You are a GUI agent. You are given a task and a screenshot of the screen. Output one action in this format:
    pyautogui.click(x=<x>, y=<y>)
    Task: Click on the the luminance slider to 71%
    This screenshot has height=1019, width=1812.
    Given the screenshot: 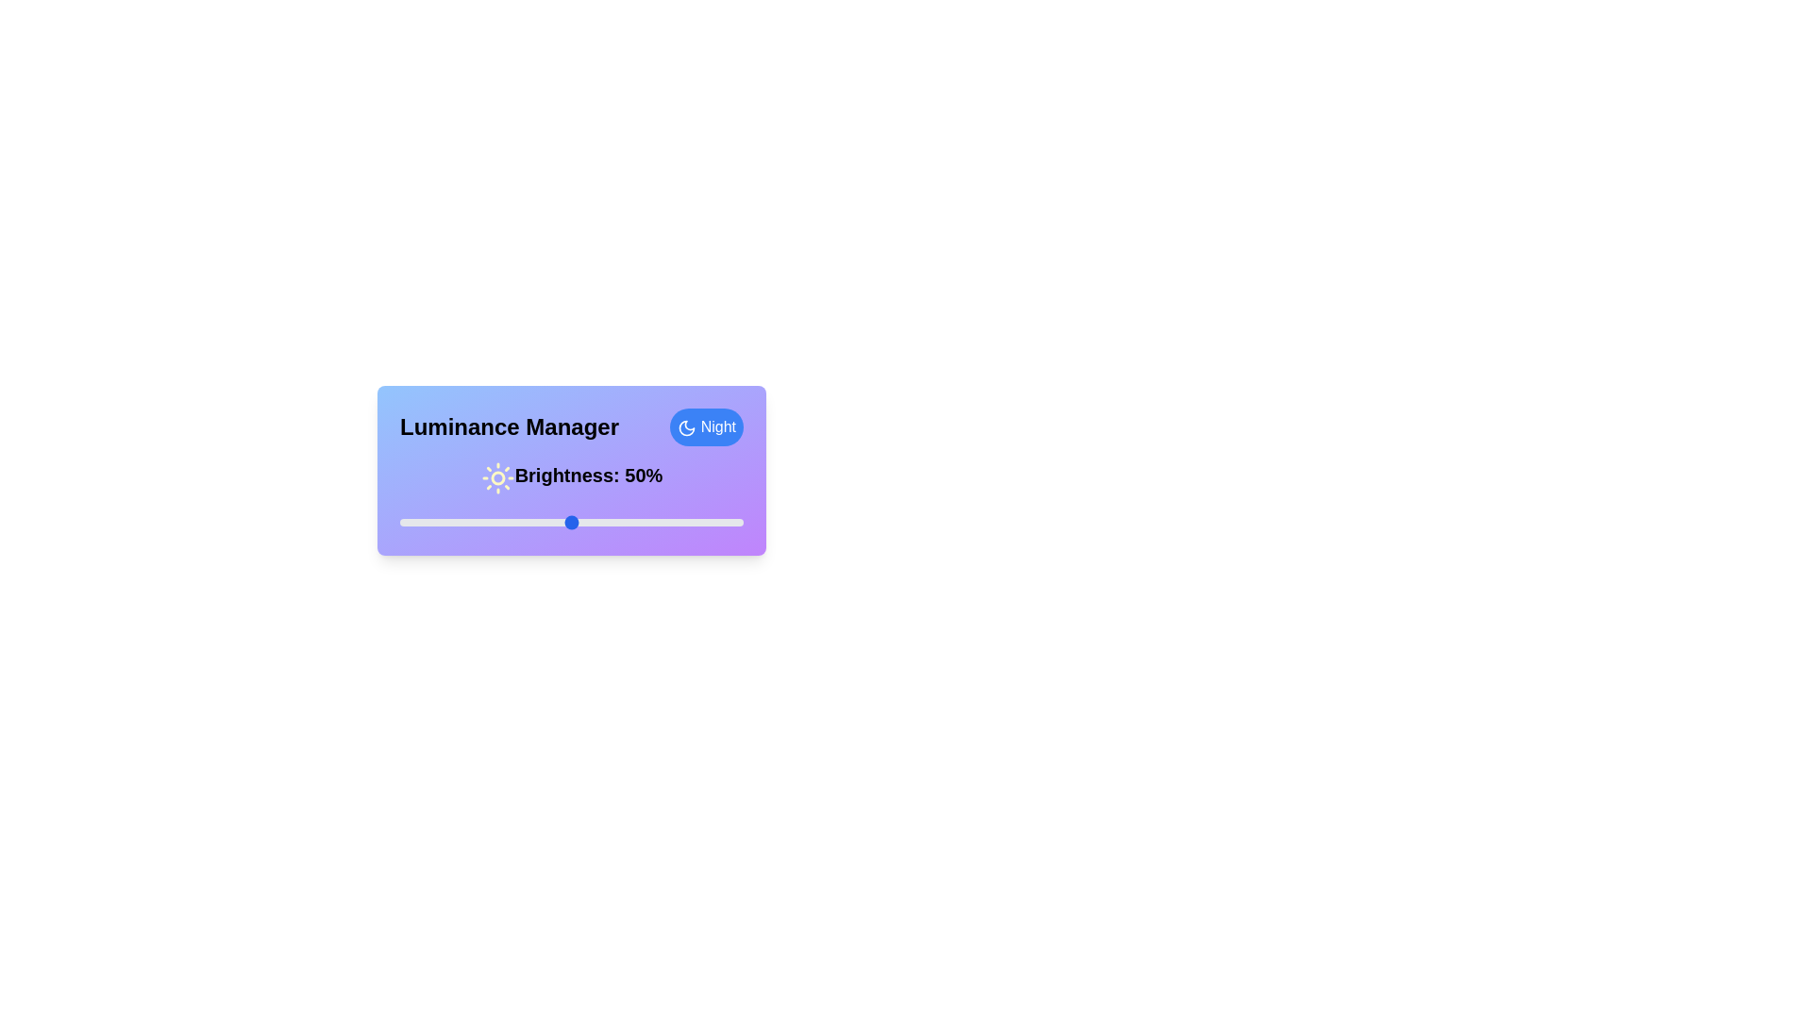 What is the action you would take?
    pyautogui.click(x=644, y=523)
    